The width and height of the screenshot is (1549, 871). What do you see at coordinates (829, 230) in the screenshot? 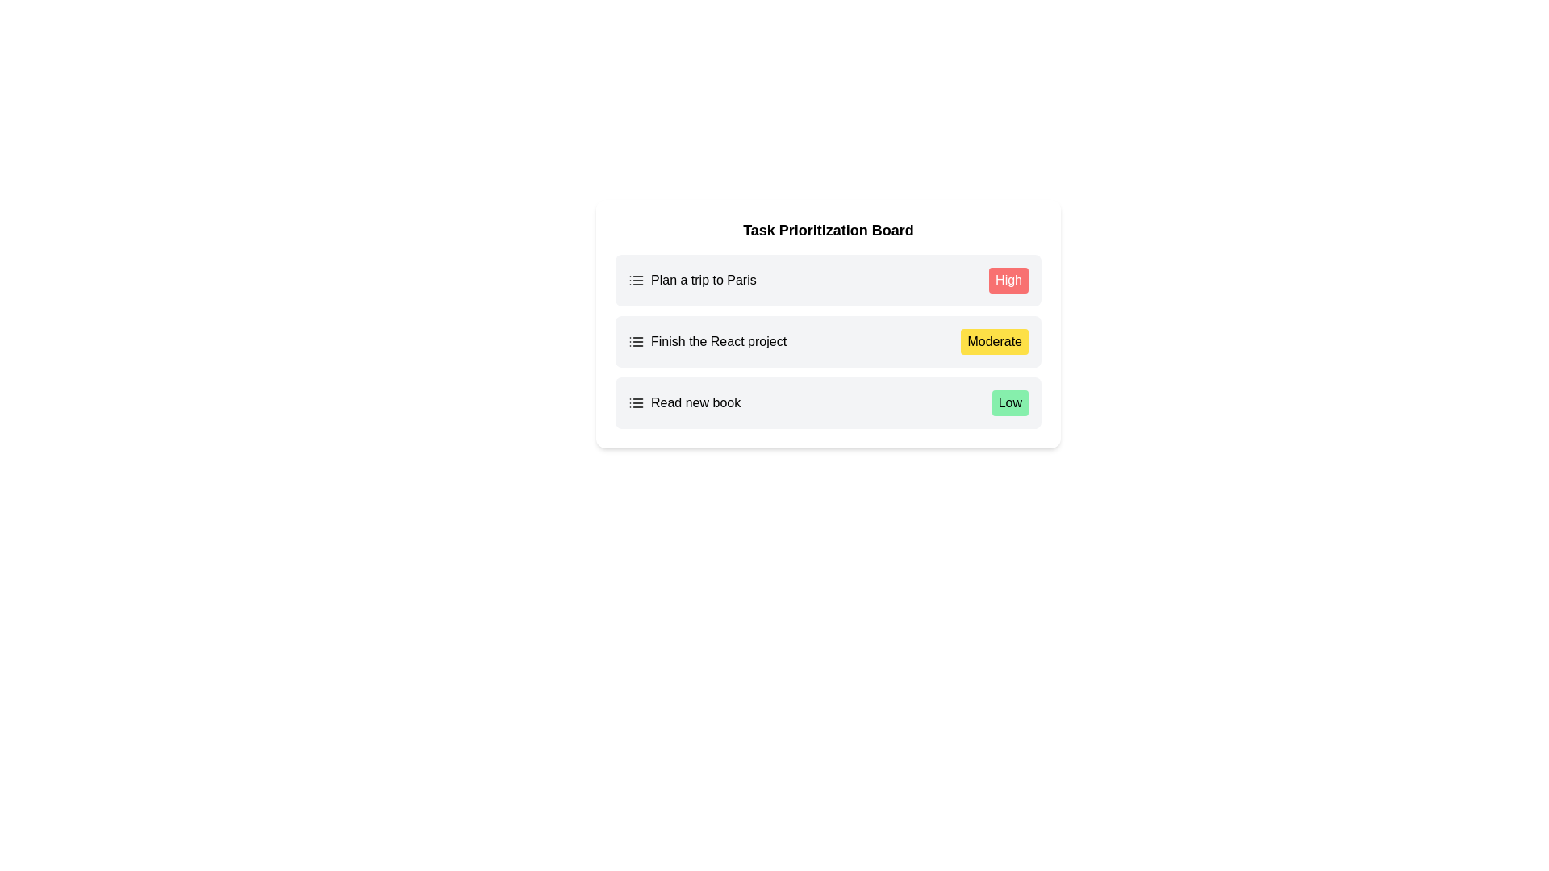
I see `the header or title text of the task prioritization board to possibly trigger a tooltip or style change` at bounding box center [829, 230].